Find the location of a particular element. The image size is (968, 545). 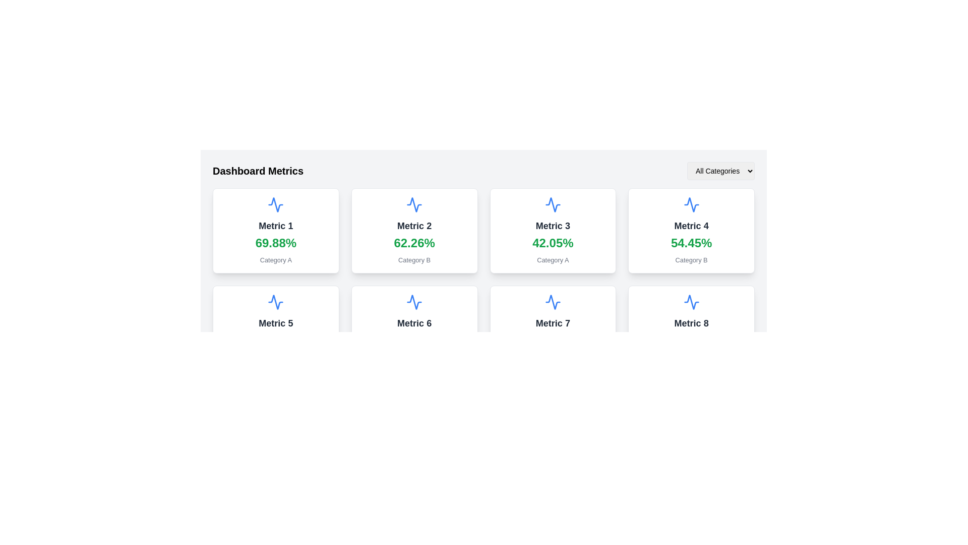

the card displaying 'Metric 7' is located at coordinates (552, 328).